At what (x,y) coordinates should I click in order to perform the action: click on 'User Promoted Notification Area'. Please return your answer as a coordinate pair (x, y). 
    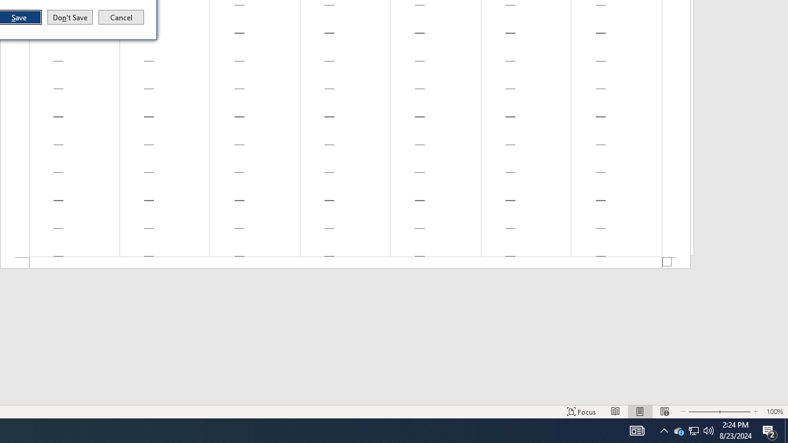
    Looking at the image, I should click on (694, 429).